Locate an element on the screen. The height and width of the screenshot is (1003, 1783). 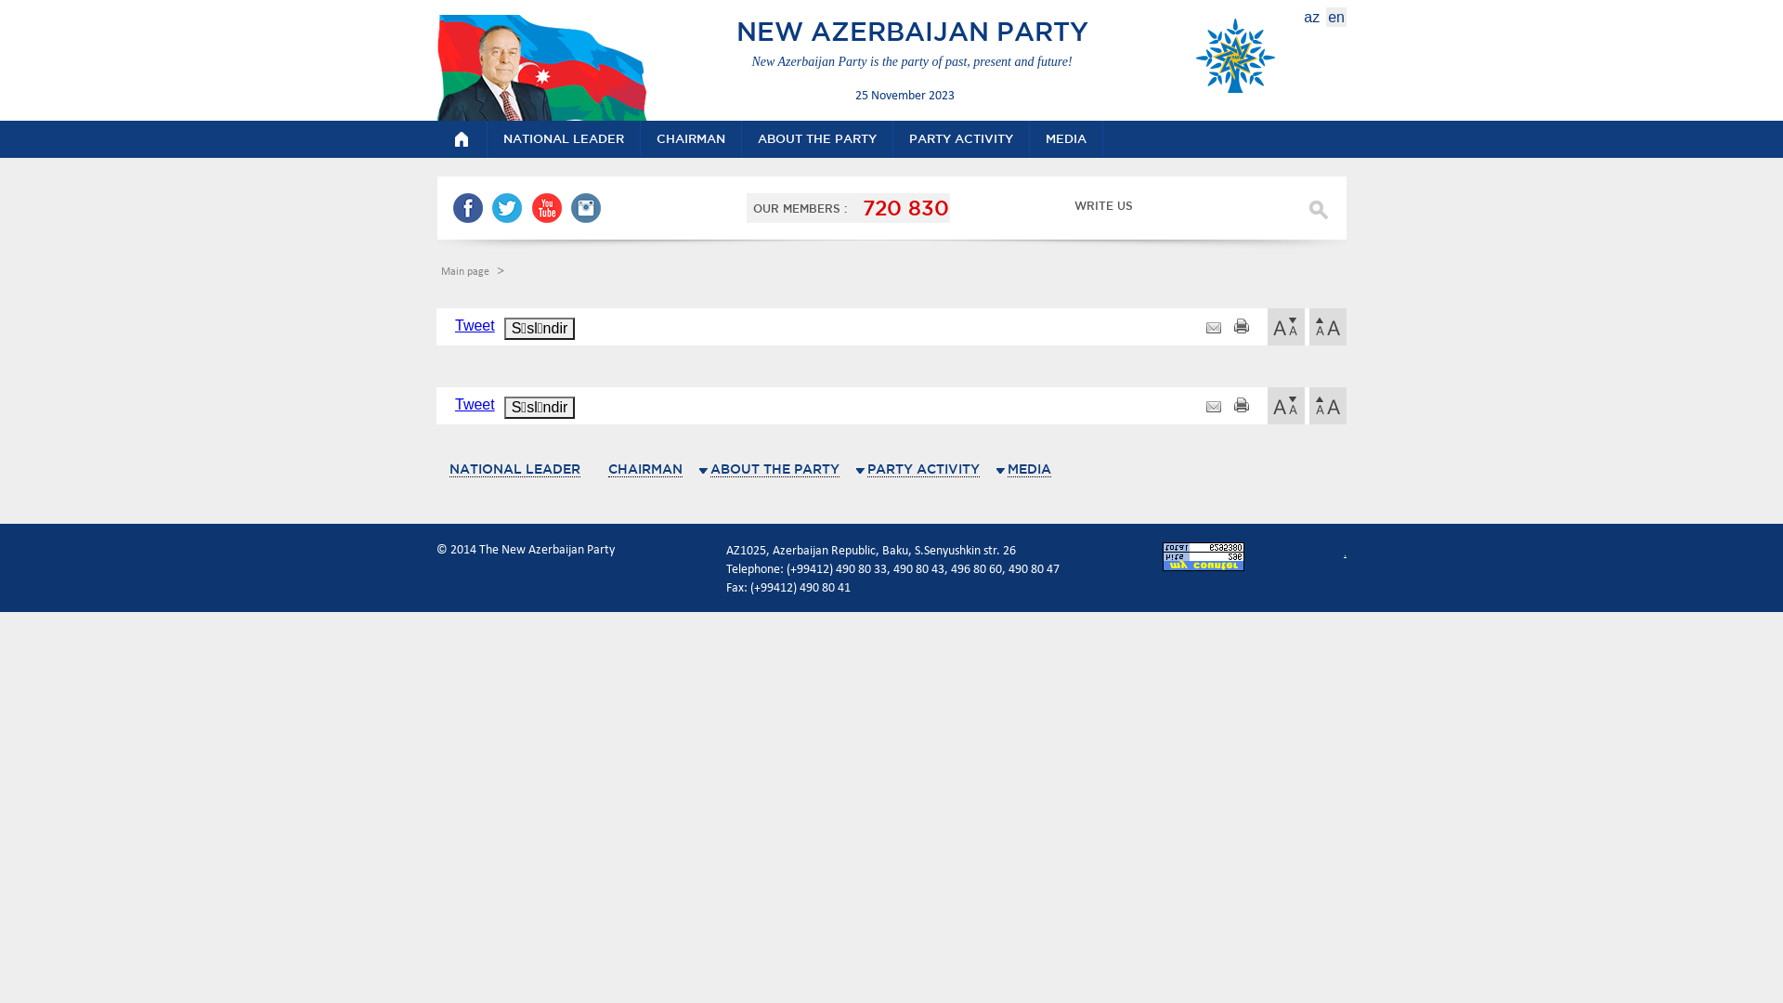
'en' is located at coordinates (1335, 17).